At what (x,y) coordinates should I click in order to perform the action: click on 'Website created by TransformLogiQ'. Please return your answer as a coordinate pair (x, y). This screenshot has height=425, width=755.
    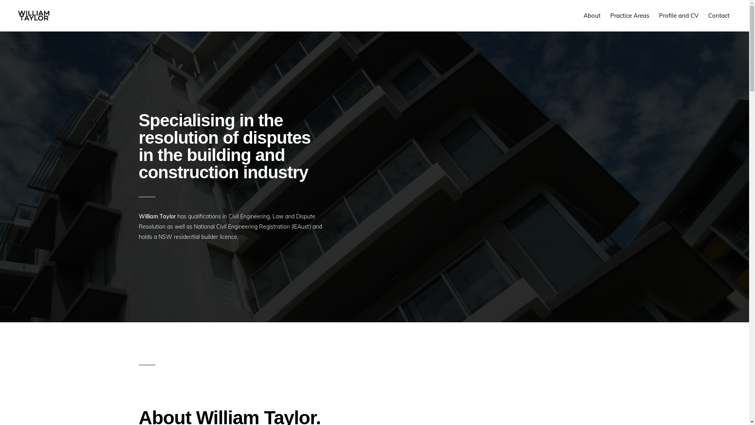
    Looking at the image, I should click on (480, 407).